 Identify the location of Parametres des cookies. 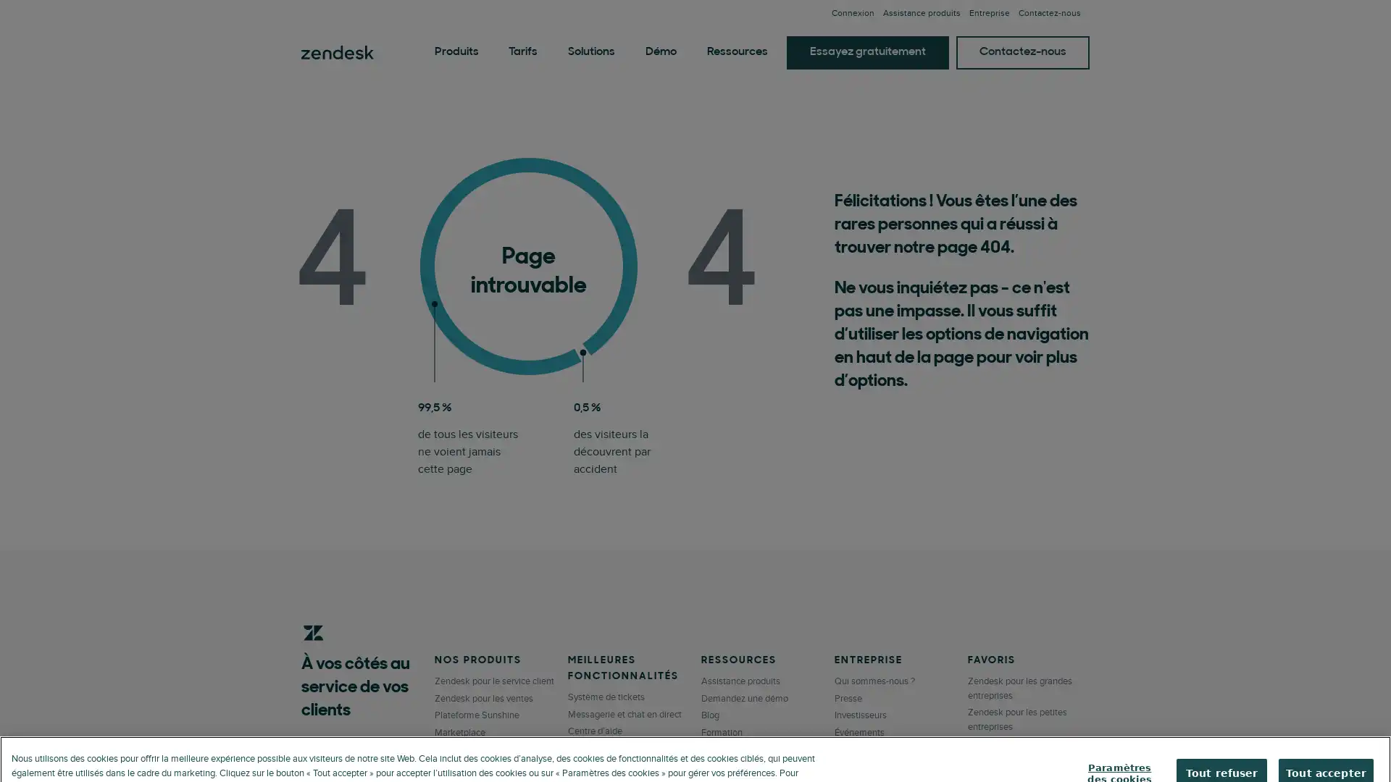
(1122, 744).